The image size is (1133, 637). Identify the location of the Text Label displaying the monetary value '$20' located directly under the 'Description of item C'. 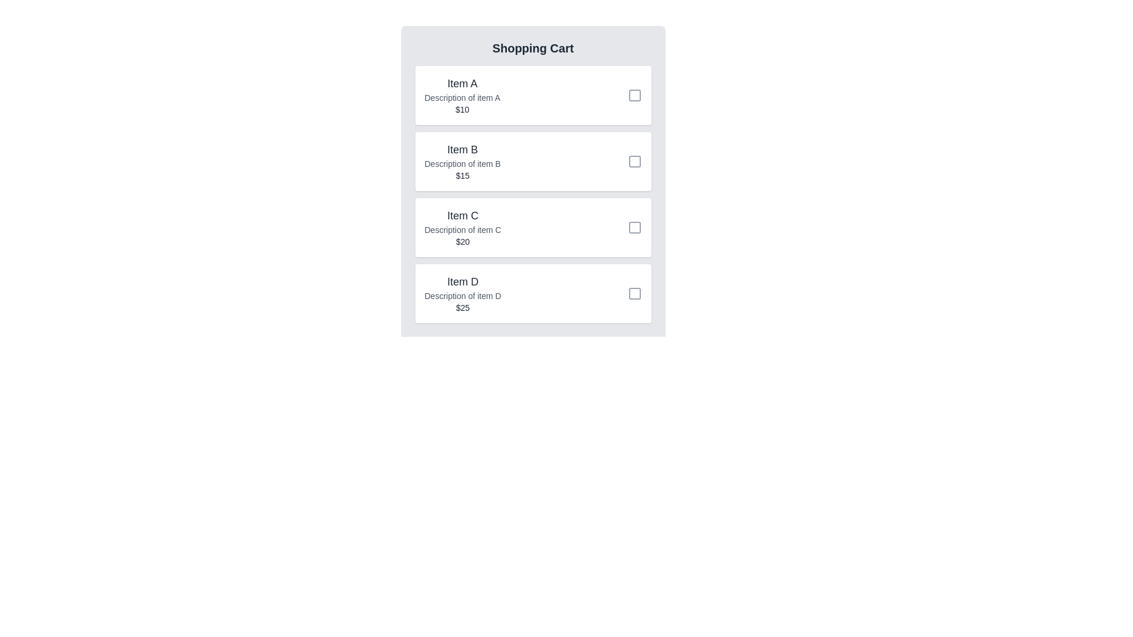
(462, 241).